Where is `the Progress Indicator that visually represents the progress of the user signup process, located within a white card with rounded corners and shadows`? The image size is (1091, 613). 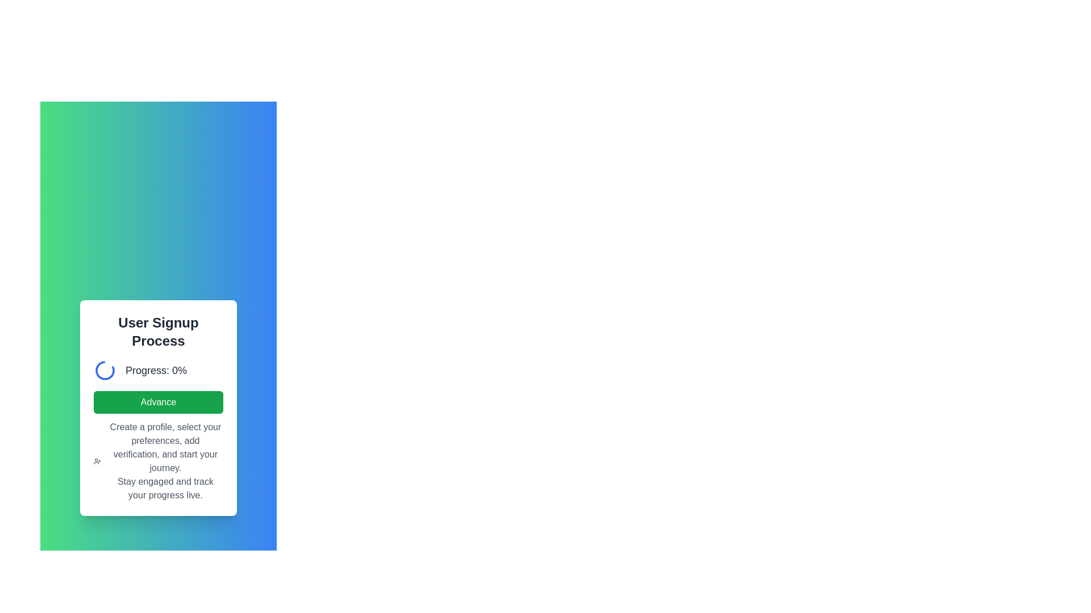 the Progress Indicator that visually represents the progress of the user signup process, located within a white card with rounded corners and shadows is located at coordinates (157, 370).